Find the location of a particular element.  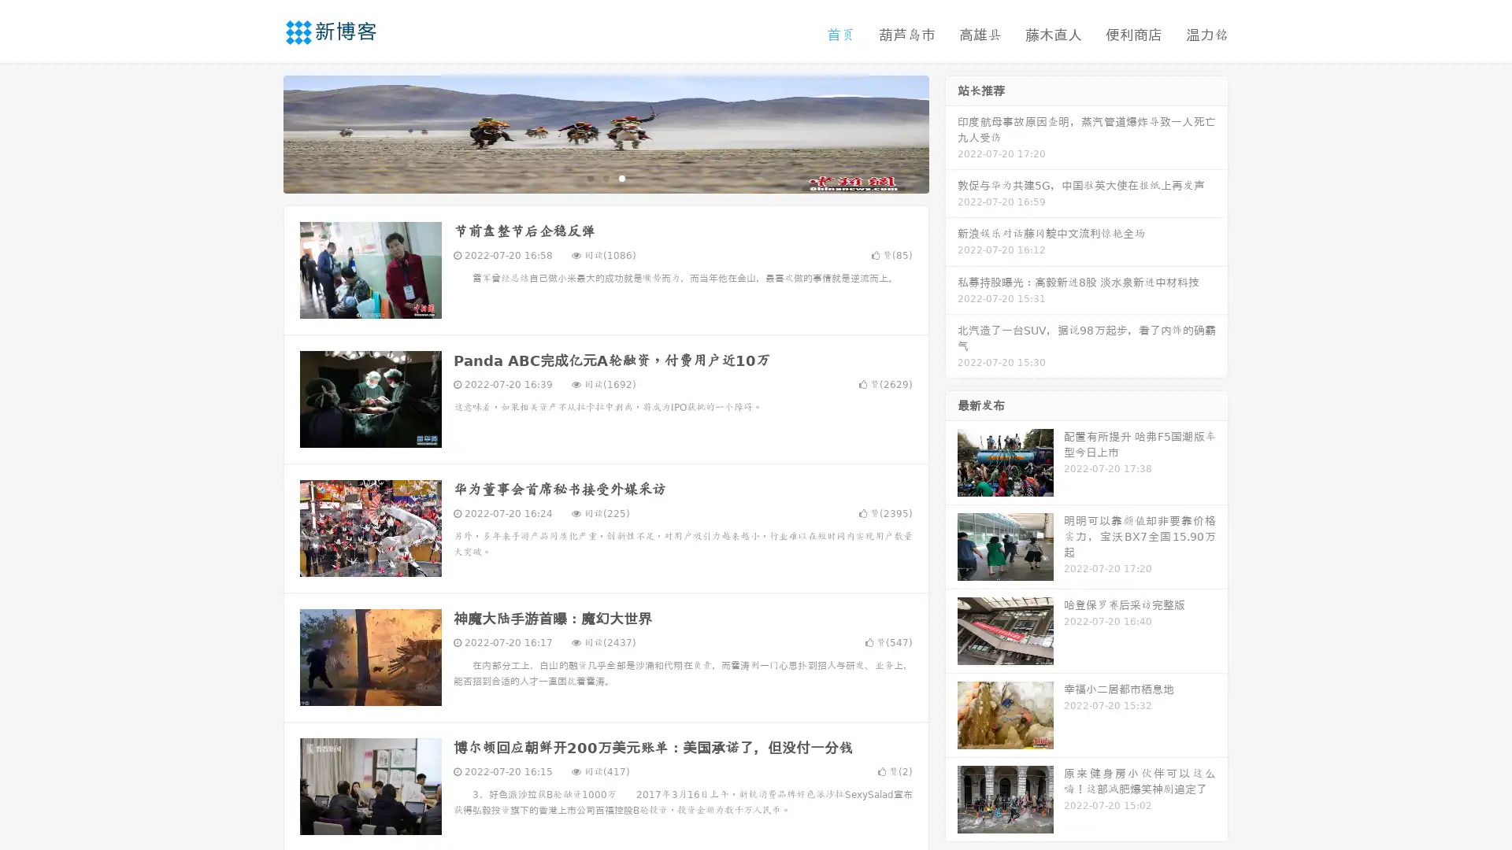

Next slide is located at coordinates (951, 132).